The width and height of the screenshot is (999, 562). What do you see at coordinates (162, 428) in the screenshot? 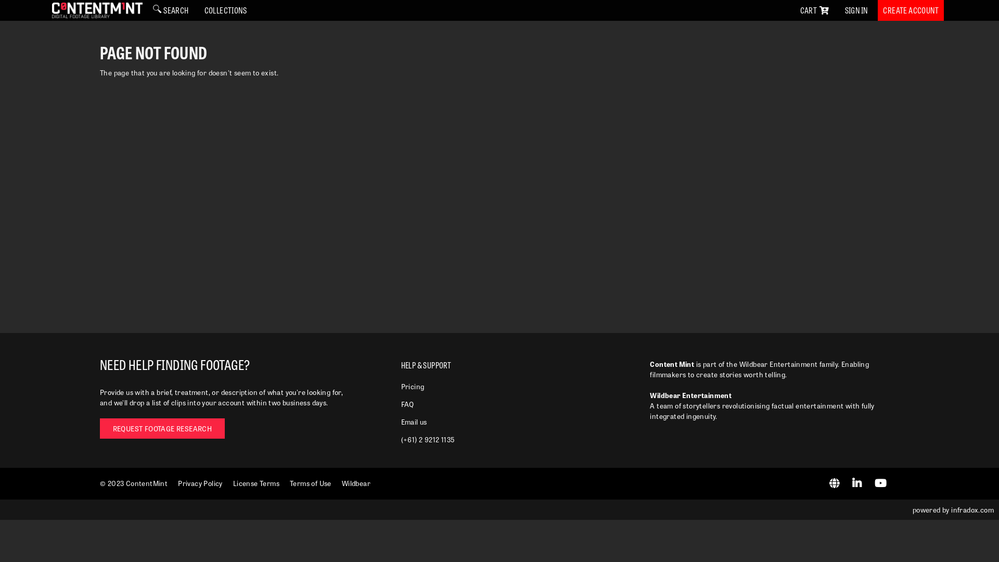
I see `'REQUEST FOOTAGE RESEARCH'` at bounding box center [162, 428].